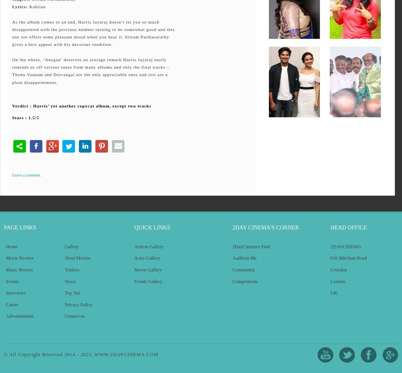  I want to click on '2DayCinema's Find', so click(251, 246).